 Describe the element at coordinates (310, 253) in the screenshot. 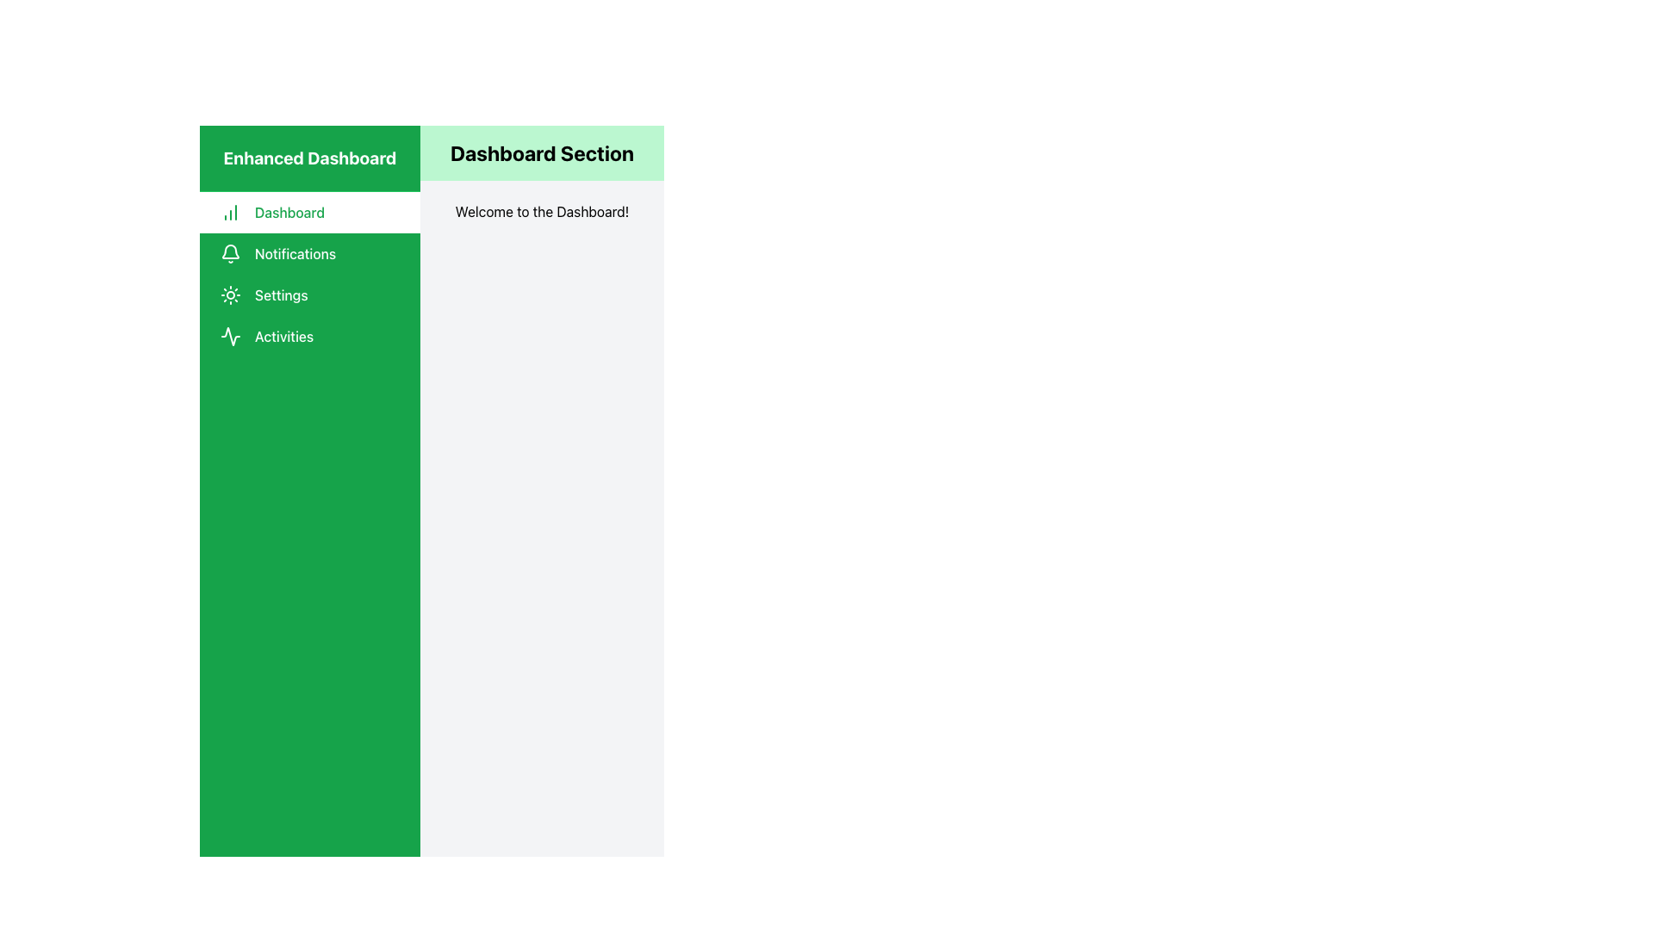

I see `the 'Notifications' button, which is the second item in the vertical menu on the left sidebar, featuring a green background and a bell icon with bold white text` at that location.